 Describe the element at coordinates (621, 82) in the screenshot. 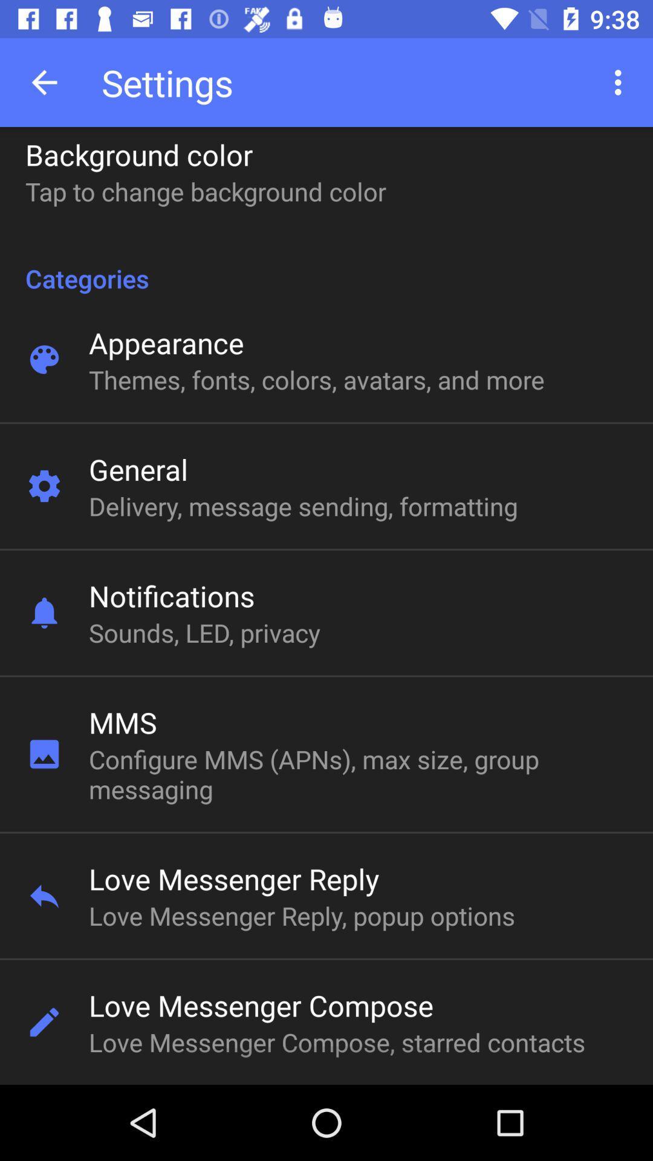

I see `the item at the top right corner` at that location.